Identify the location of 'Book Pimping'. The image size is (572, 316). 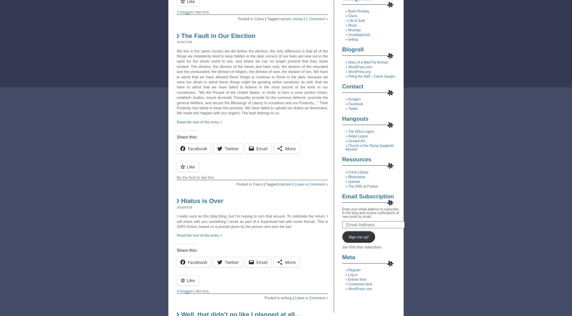
(358, 11).